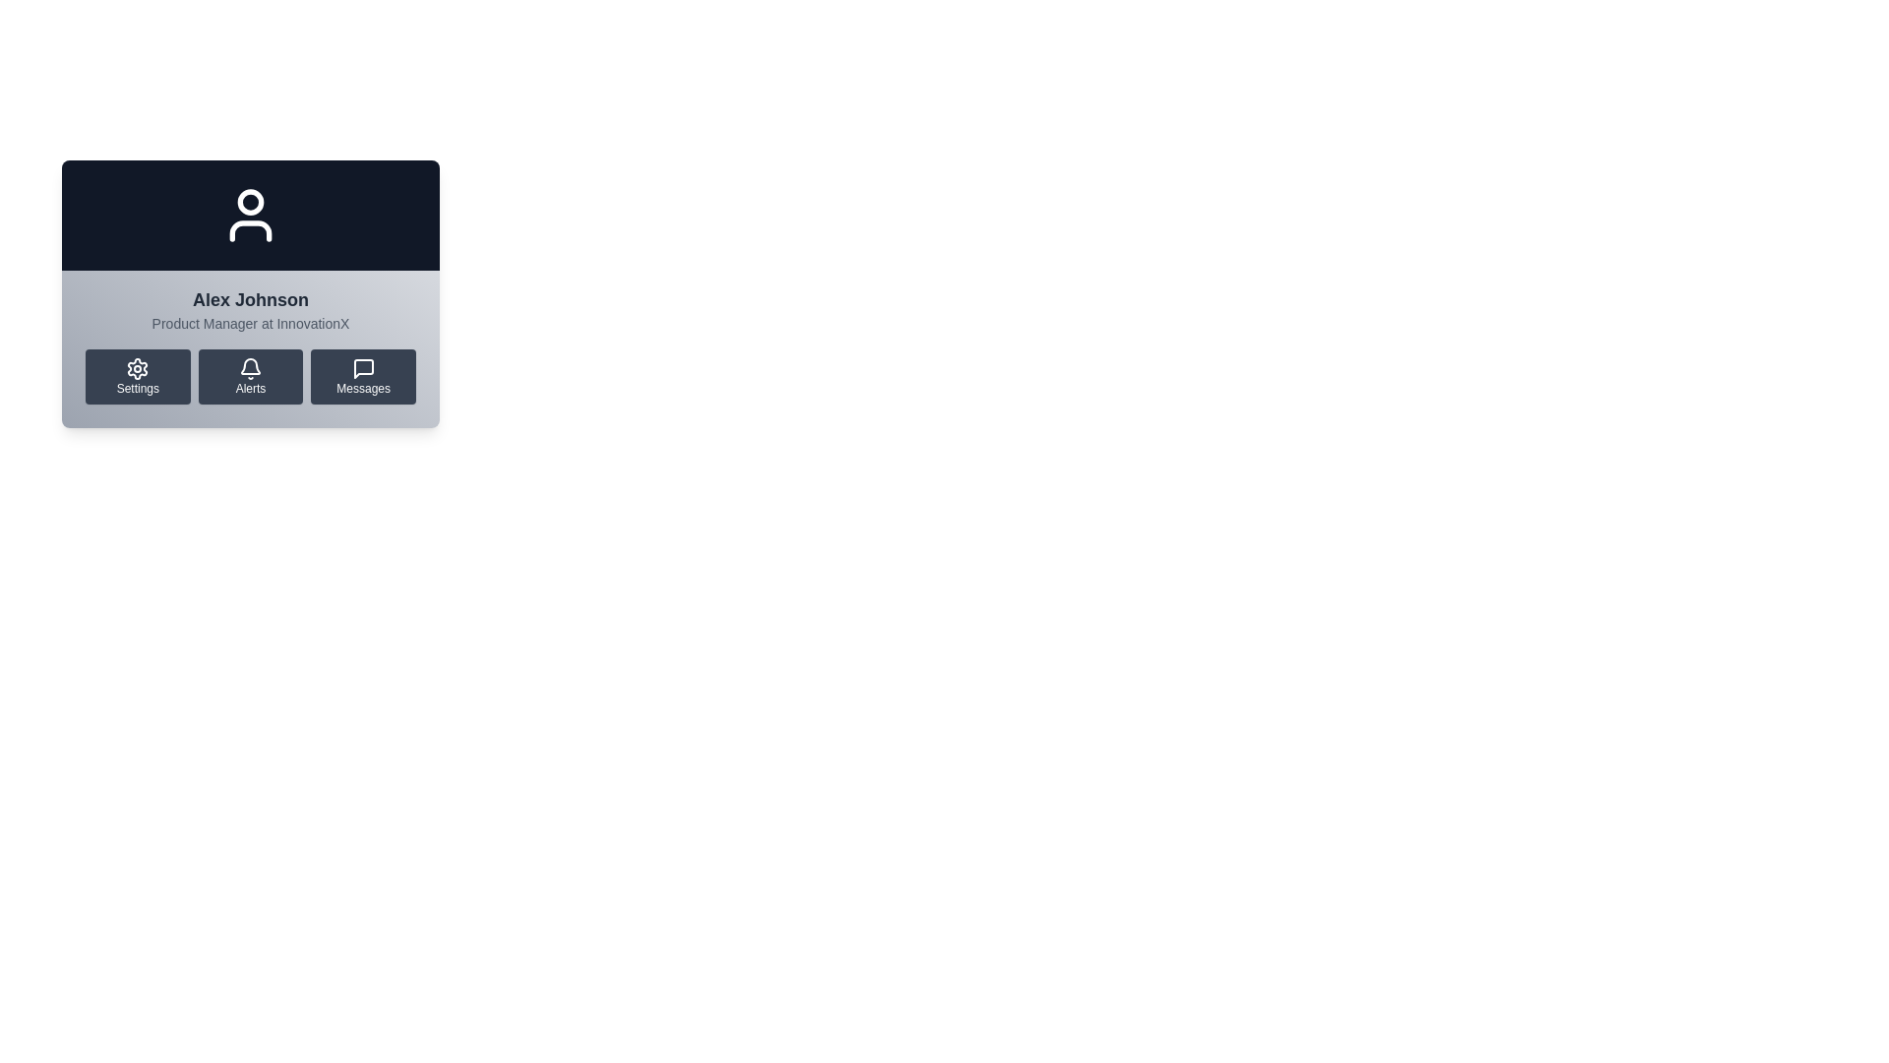  Describe the element at coordinates (249, 388) in the screenshot. I see `the navigation menu located at the bottom section of the display card` at that location.